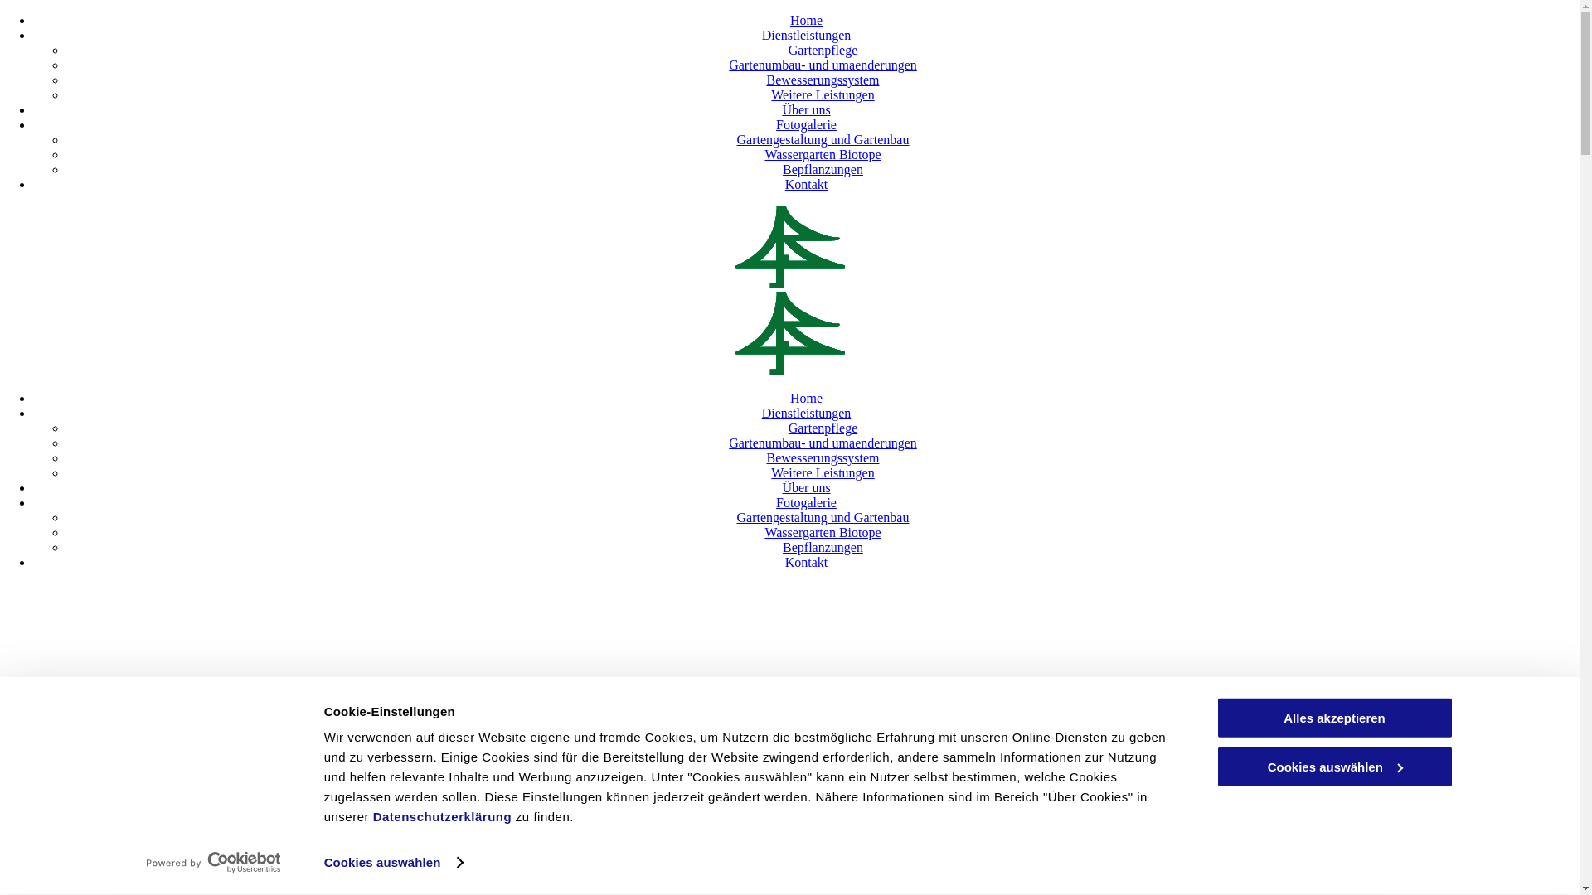 The height and width of the screenshot is (895, 1592). I want to click on 'Home', so click(806, 20).